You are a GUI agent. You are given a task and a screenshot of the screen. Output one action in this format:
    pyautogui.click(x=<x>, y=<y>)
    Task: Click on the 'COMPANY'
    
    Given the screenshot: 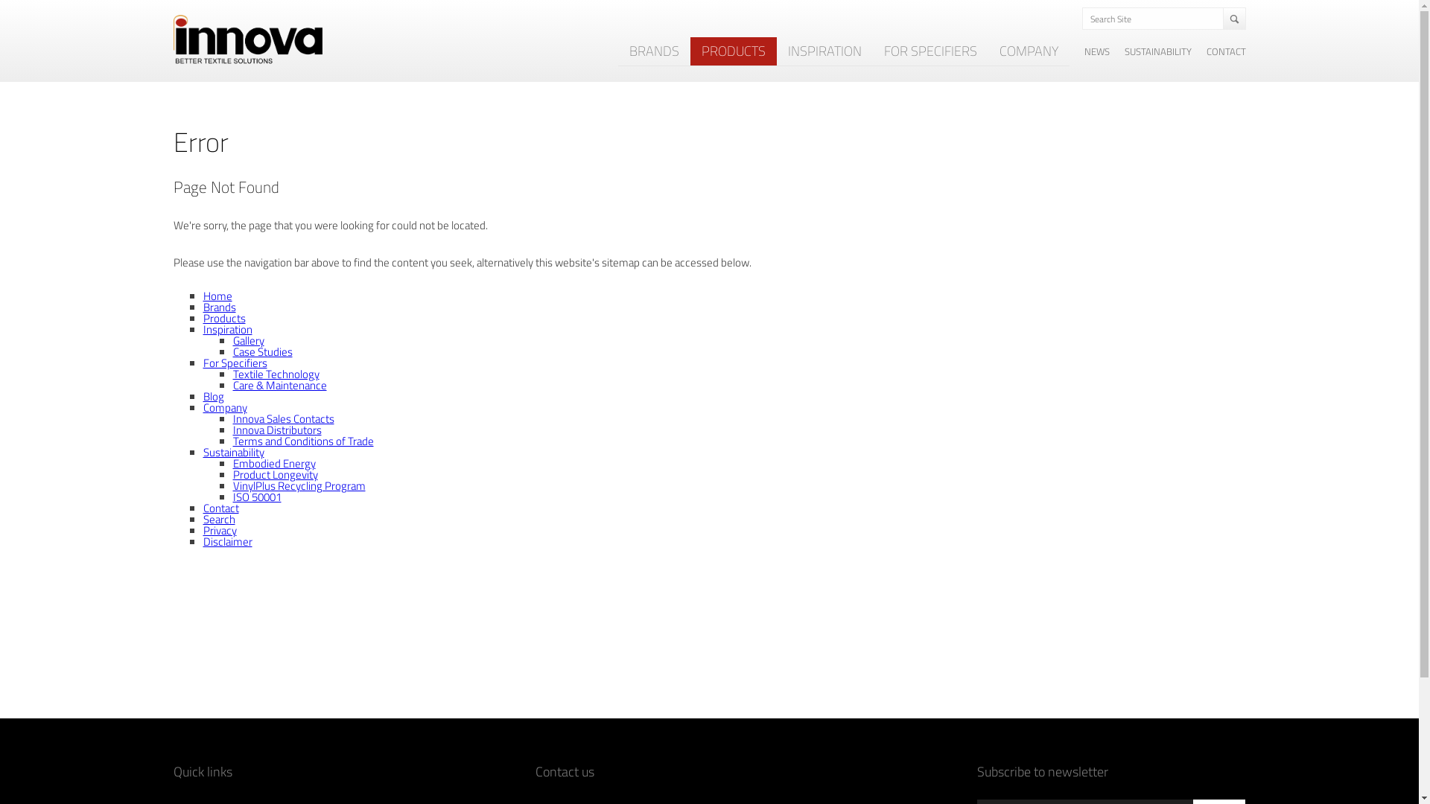 What is the action you would take?
    pyautogui.click(x=1027, y=51)
    